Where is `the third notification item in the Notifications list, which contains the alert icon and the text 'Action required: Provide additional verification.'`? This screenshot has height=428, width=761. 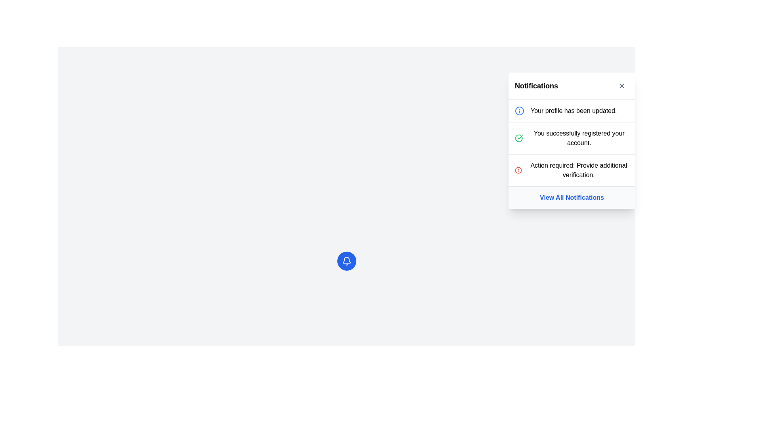 the third notification item in the Notifications list, which contains the alert icon and the text 'Action required: Provide additional verification.' is located at coordinates (572, 169).